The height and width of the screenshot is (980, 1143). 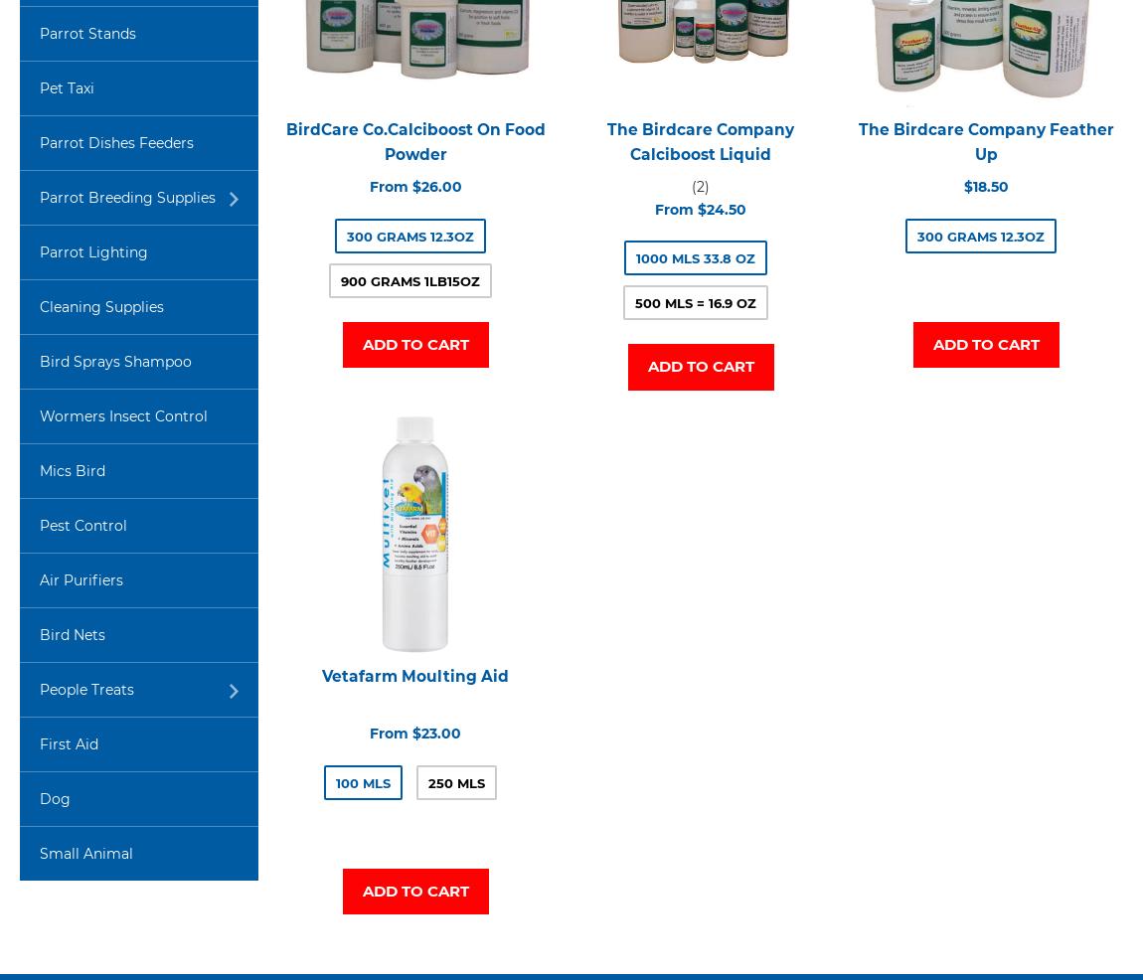 I want to click on '$18.50', so click(x=962, y=186).